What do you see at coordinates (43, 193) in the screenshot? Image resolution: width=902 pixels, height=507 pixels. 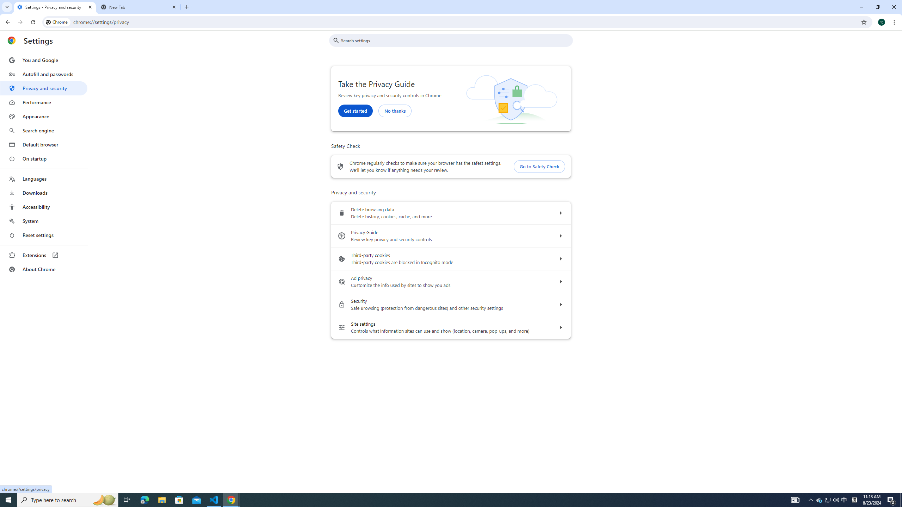 I see `'Downloads'` at bounding box center [43, 193].